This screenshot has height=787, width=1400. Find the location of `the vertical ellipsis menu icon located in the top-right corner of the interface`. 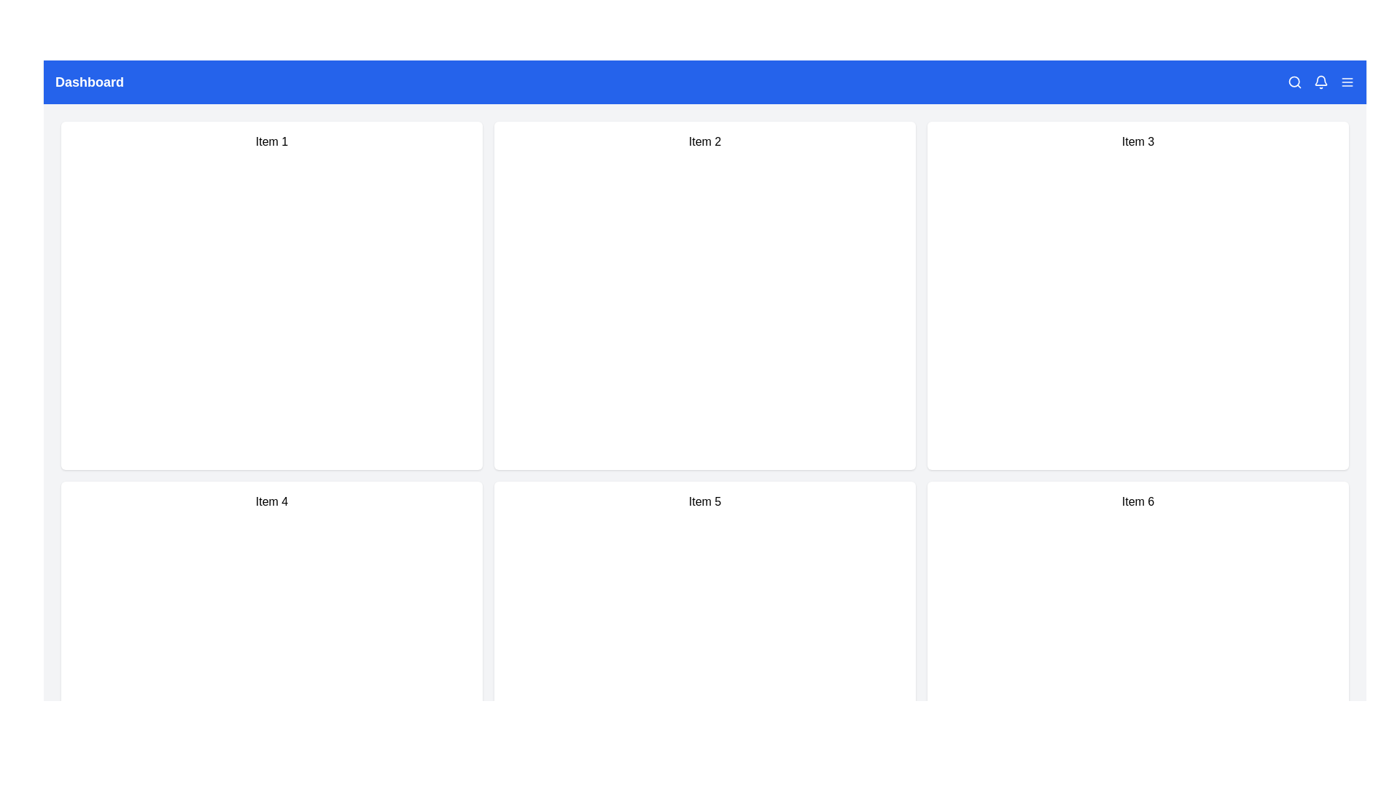

the vertical ellipsis menu icon located in the top-right corner of the interface is located at coordinates (1347, 82).